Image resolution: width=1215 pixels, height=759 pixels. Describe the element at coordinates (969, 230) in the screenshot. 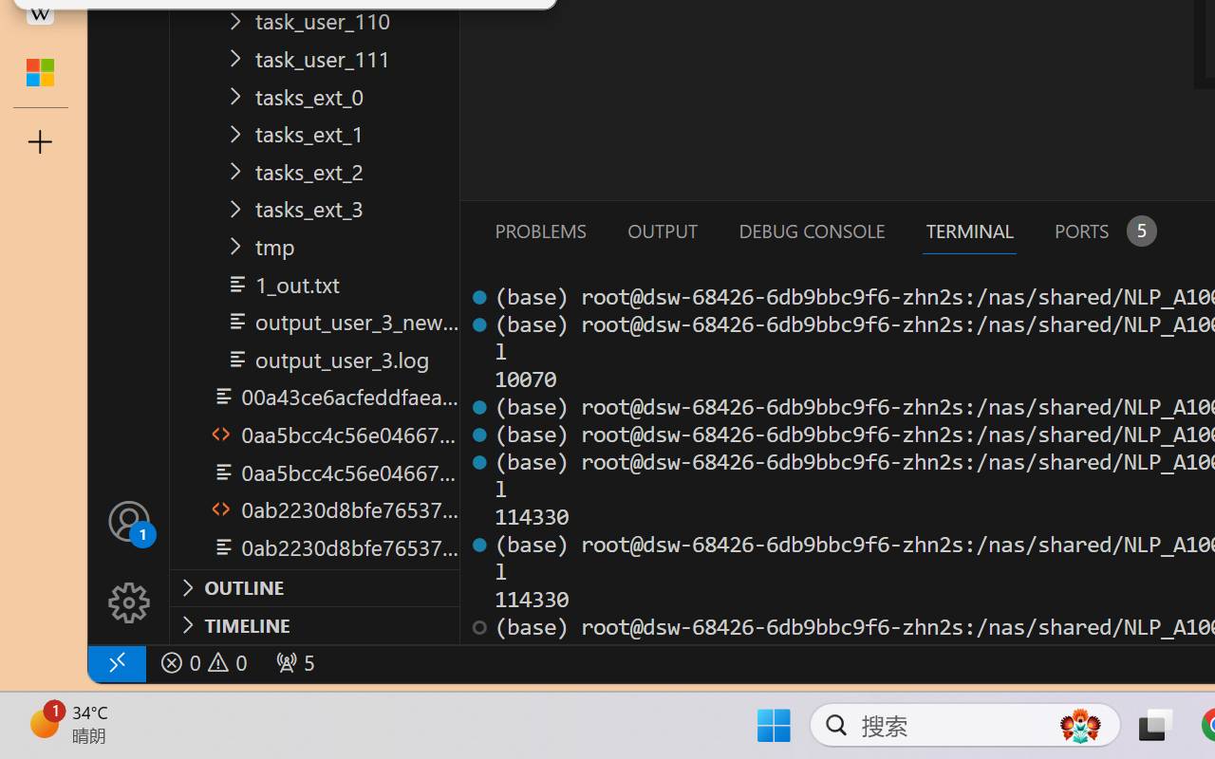

I see `'Terminal (Ctrl+`)'` at that location.